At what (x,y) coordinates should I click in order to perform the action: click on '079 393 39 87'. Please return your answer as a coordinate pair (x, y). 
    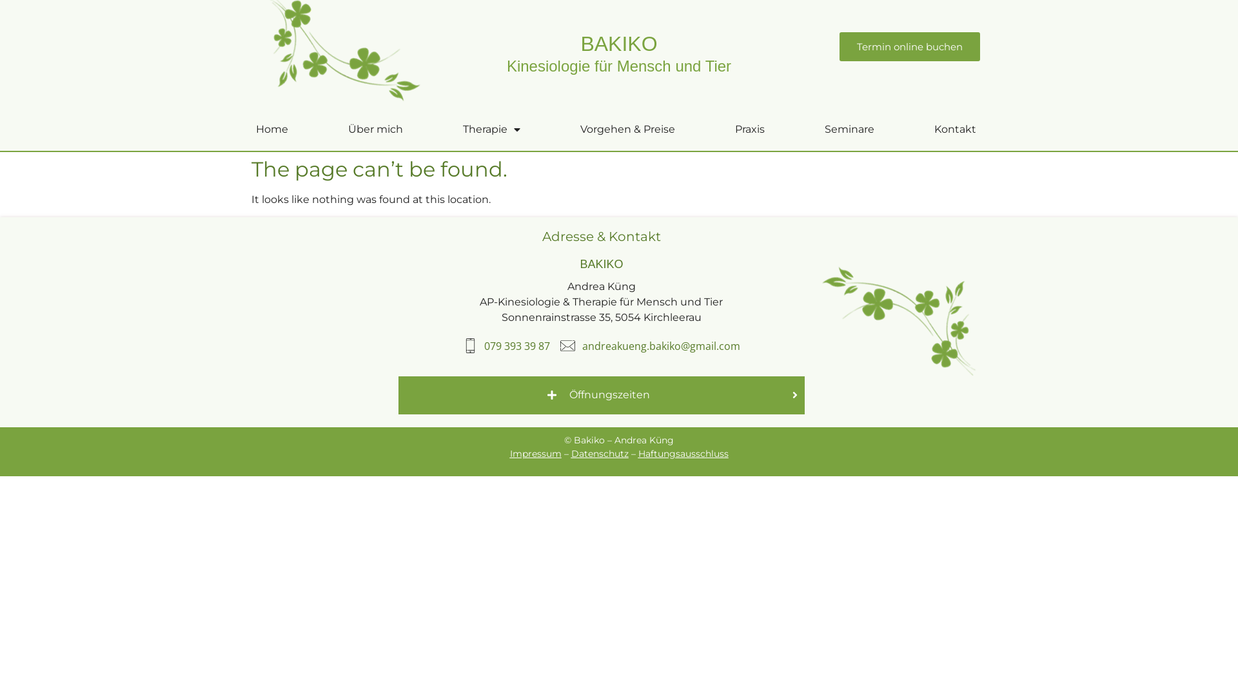
    Looking at the image, I should click on (463, 345).